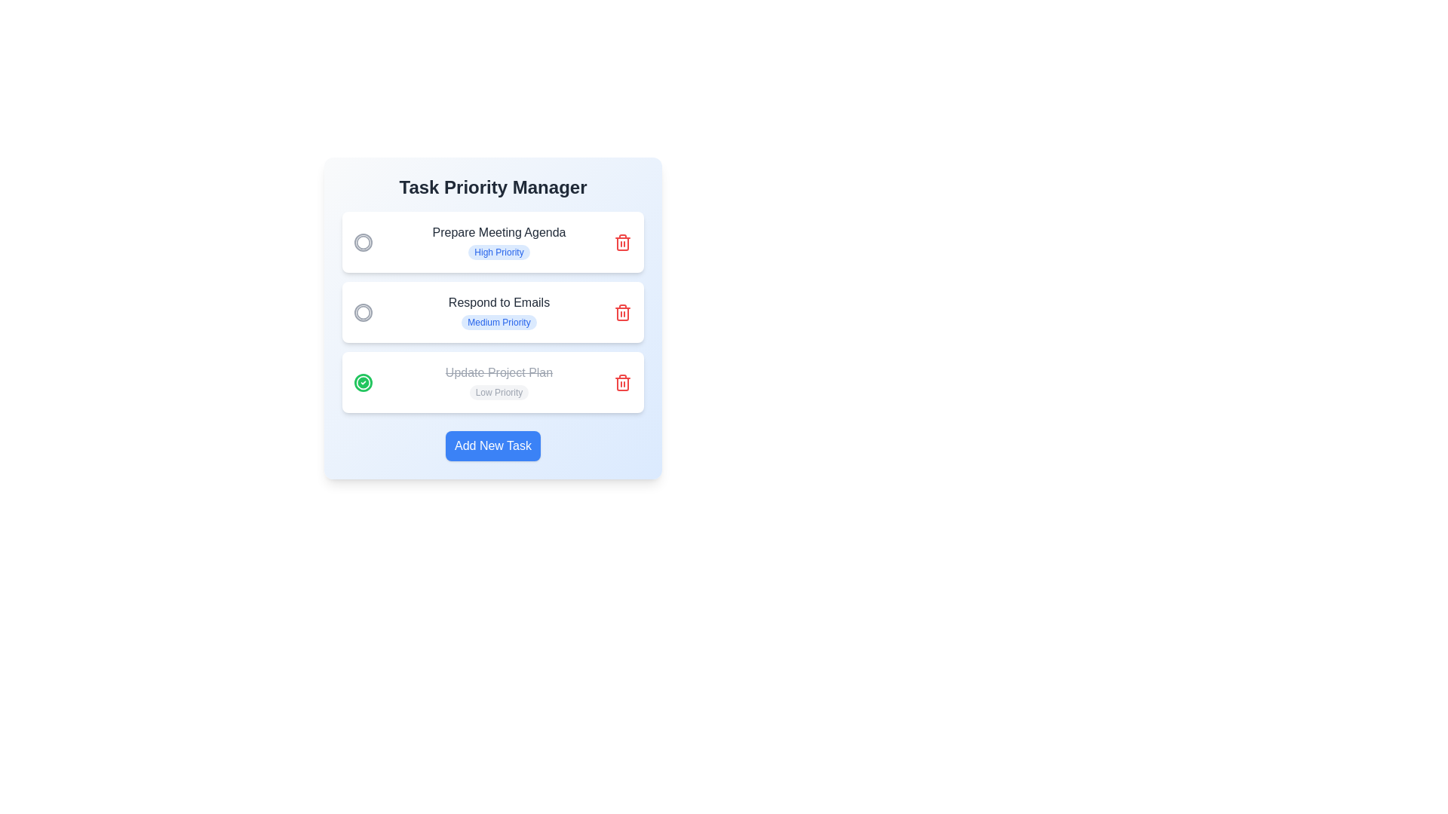 This screenshot has width=1448, height=814. Describe the element at coordinates (499, 372) in the screenshot. I see `the static text label indicating task completion, which is styled with a line-through` at that location.